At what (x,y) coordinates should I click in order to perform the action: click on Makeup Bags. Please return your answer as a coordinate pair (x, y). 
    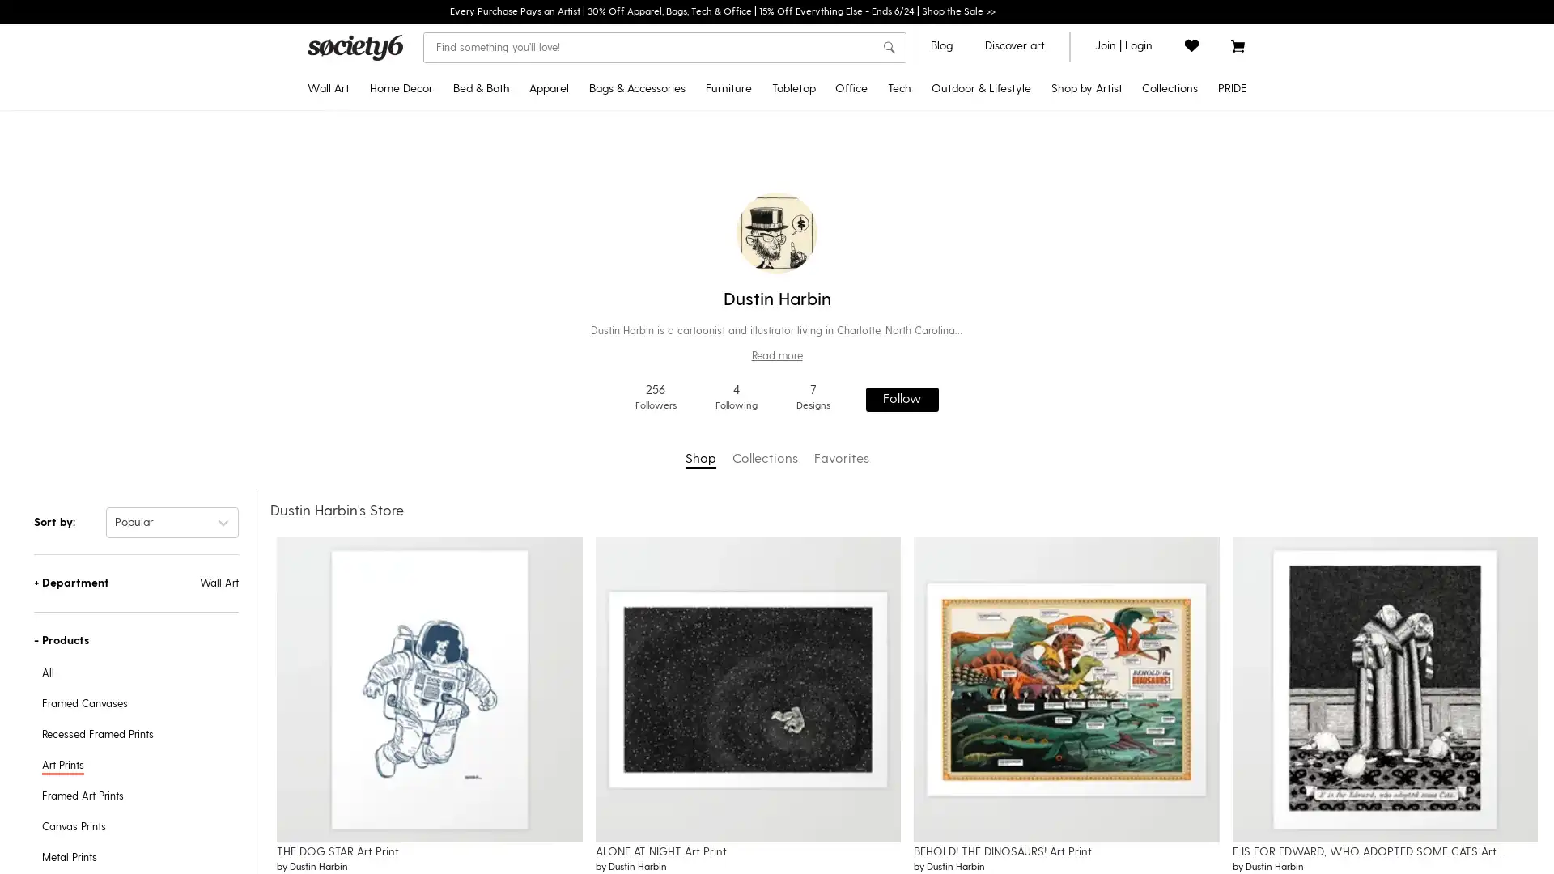
    Looking at the image, I should click on (648, 286).